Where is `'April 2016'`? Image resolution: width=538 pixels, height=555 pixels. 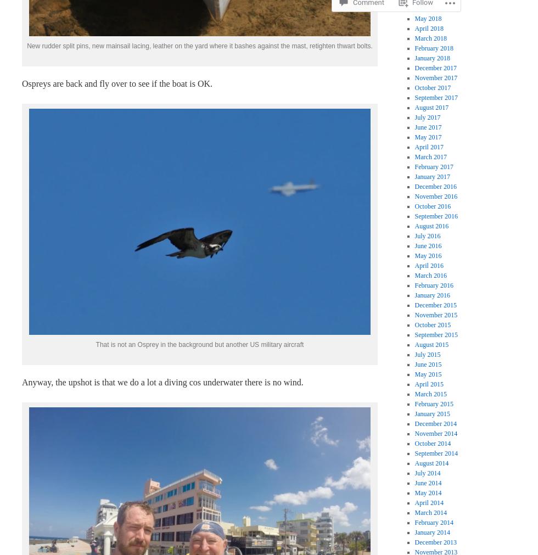
'April 2016' is located at coordinates (428, 264).